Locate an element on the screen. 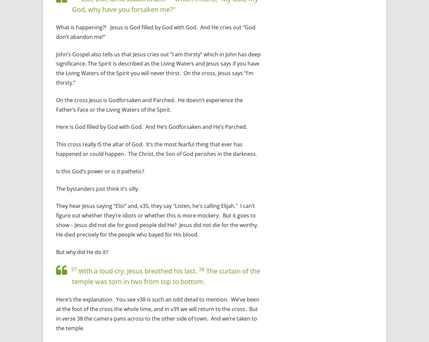 Image resolution: width=429 pixels, height=342 pixels. 'This cross really IS the altar of God.  It’s the most fearful thing that ever has happened or could happen.  The Christ, the Son of God perishes in the darkness.' is located at coordinates (56, 149).